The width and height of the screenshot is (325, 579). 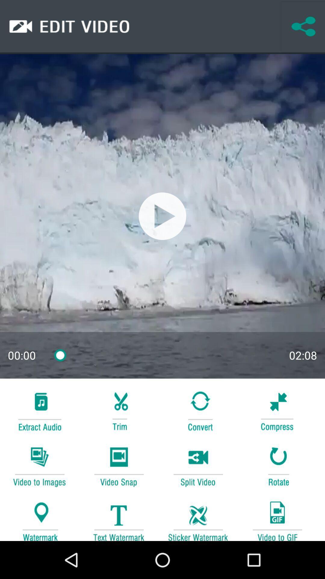 What do you see at coordinates (198, 466) in the screenshot?
I see `split video into multiple files` at bounding box center [198, 466].